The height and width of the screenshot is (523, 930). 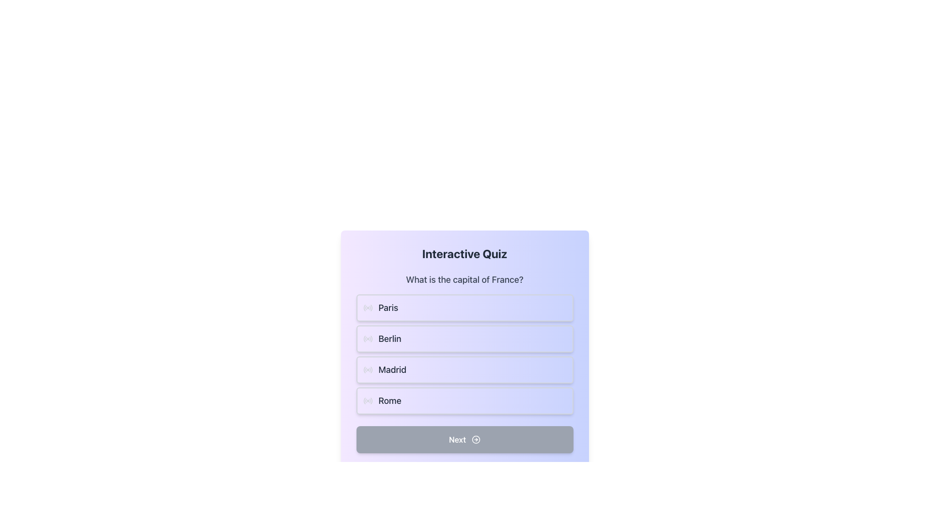 I want to click on the 'Next' action icon, which is positioned immediately to the right of the 'Next' label within the button component at the bottom of the interface, so click(x=476, y=439).